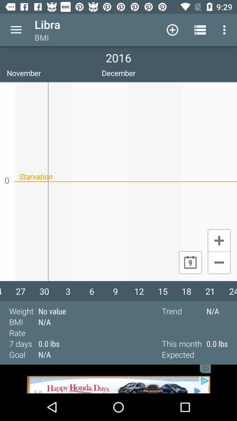 This screenshot has width=237, height=421. What do you see at coordinates (219, 263) in the screenshot?
I see `calculatar page` at bounding box center [219, 263].